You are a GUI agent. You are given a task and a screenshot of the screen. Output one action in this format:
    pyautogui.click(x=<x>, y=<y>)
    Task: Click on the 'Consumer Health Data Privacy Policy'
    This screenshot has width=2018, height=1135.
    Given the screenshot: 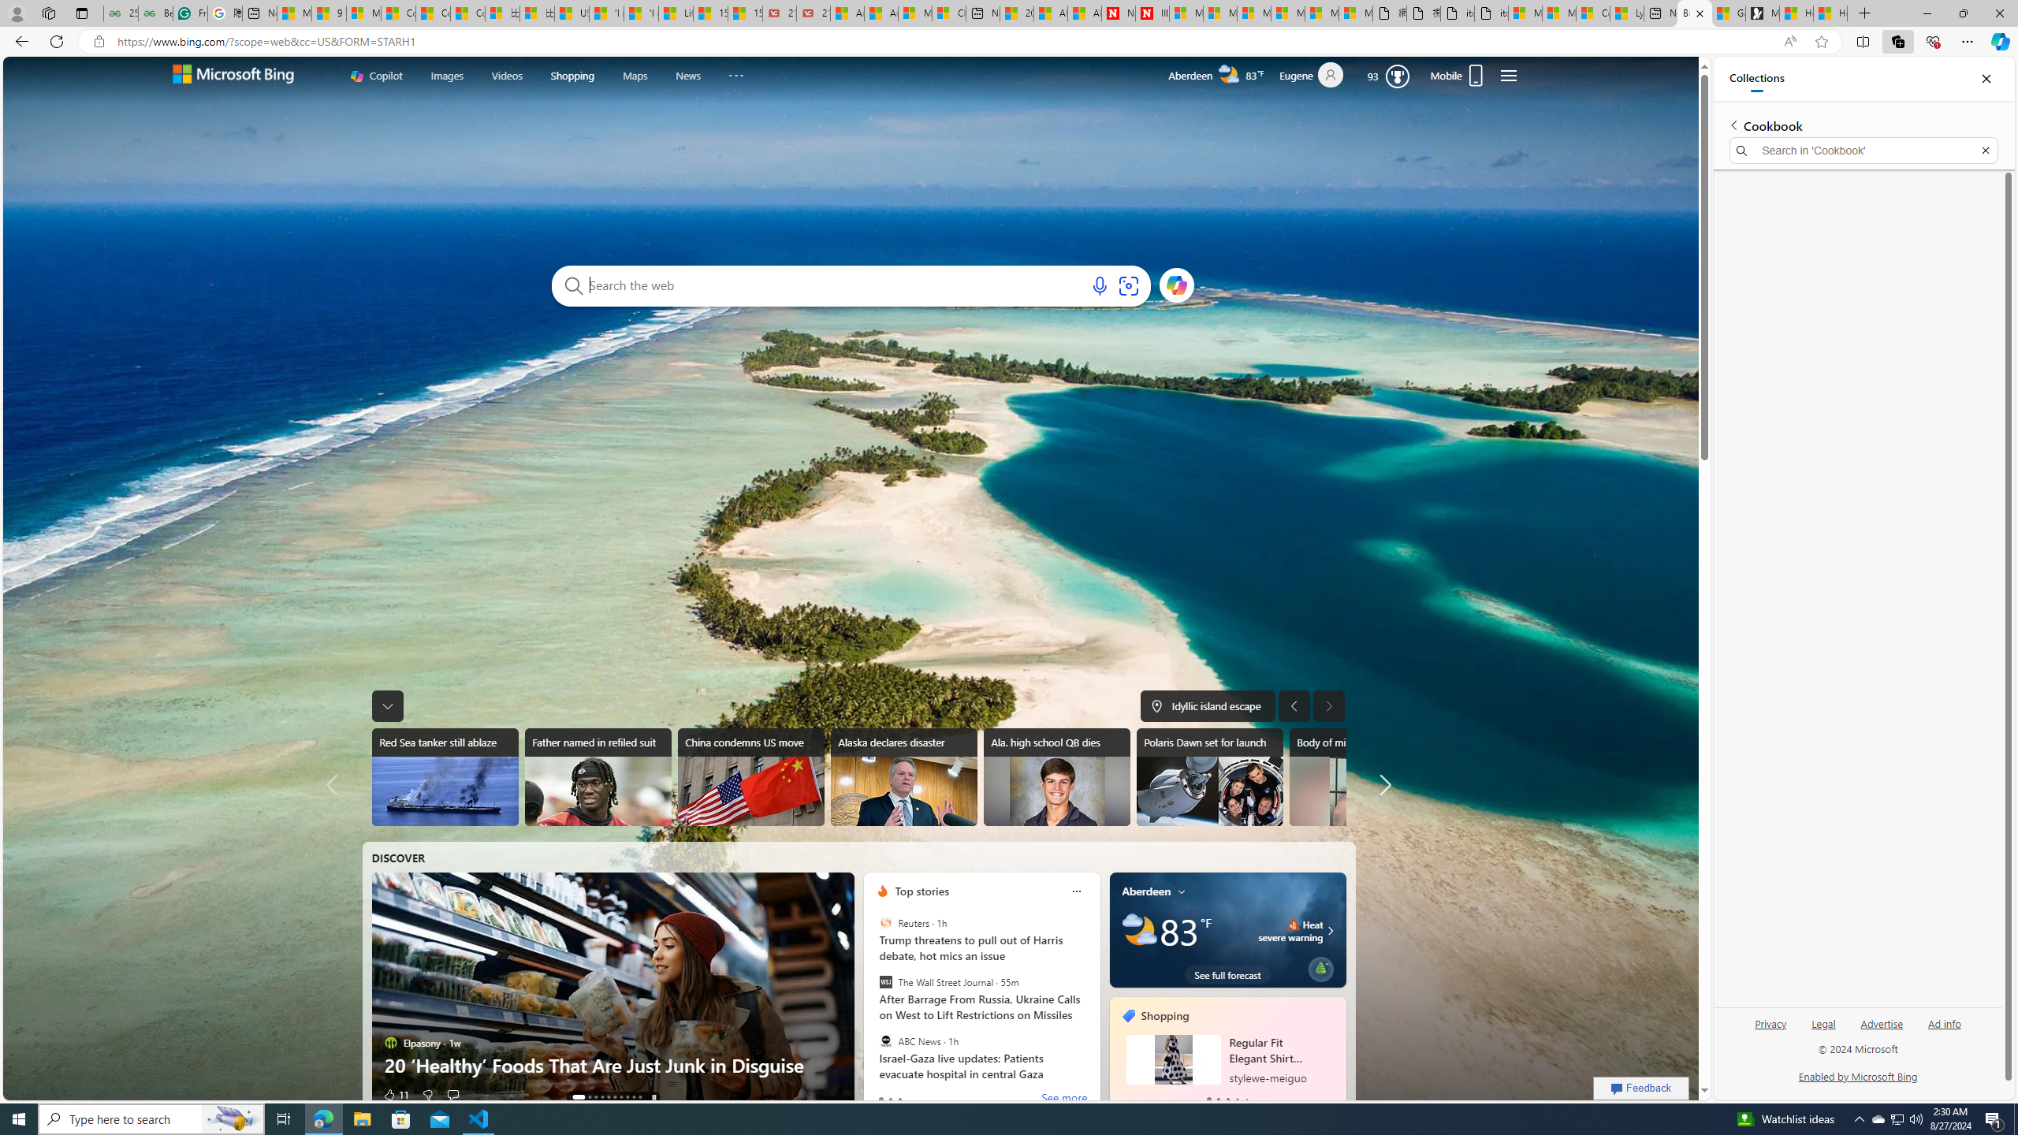 What is the action you would take?
    pyautogui.click(x=1593, y=13)
    